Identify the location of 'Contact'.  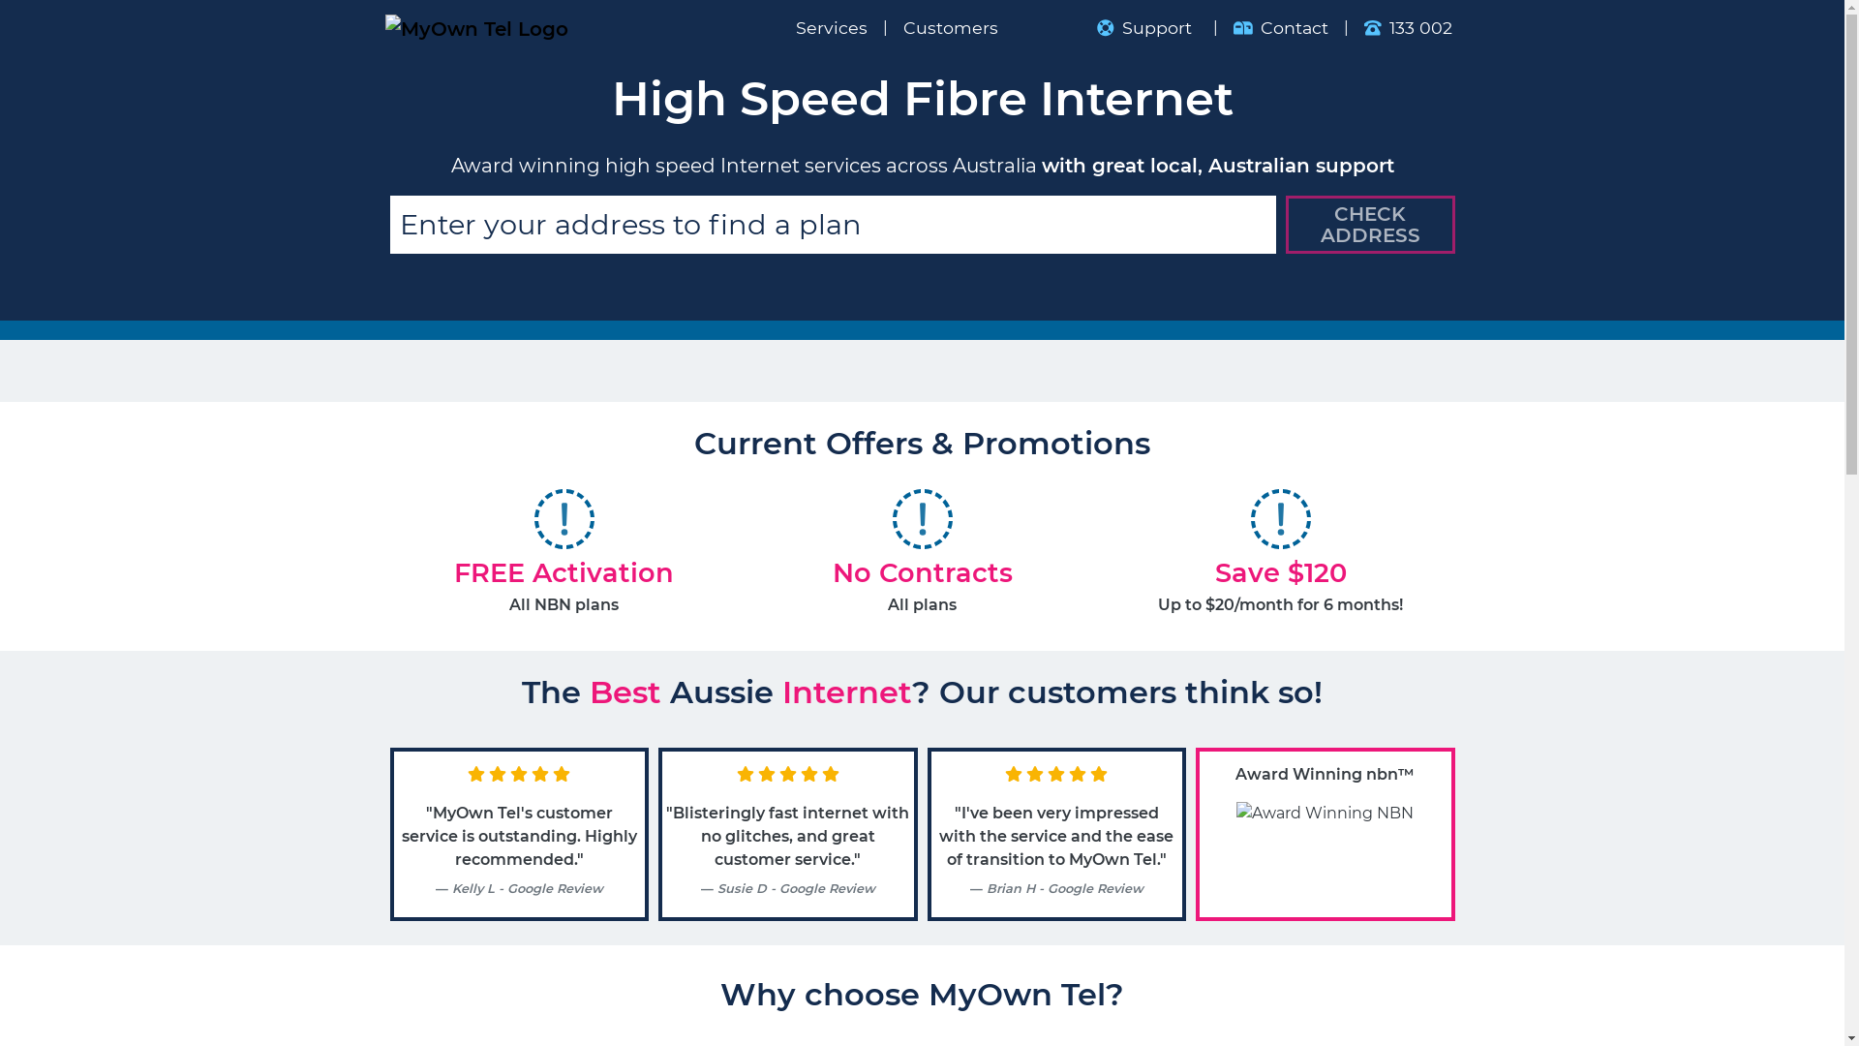
(1281, 28).